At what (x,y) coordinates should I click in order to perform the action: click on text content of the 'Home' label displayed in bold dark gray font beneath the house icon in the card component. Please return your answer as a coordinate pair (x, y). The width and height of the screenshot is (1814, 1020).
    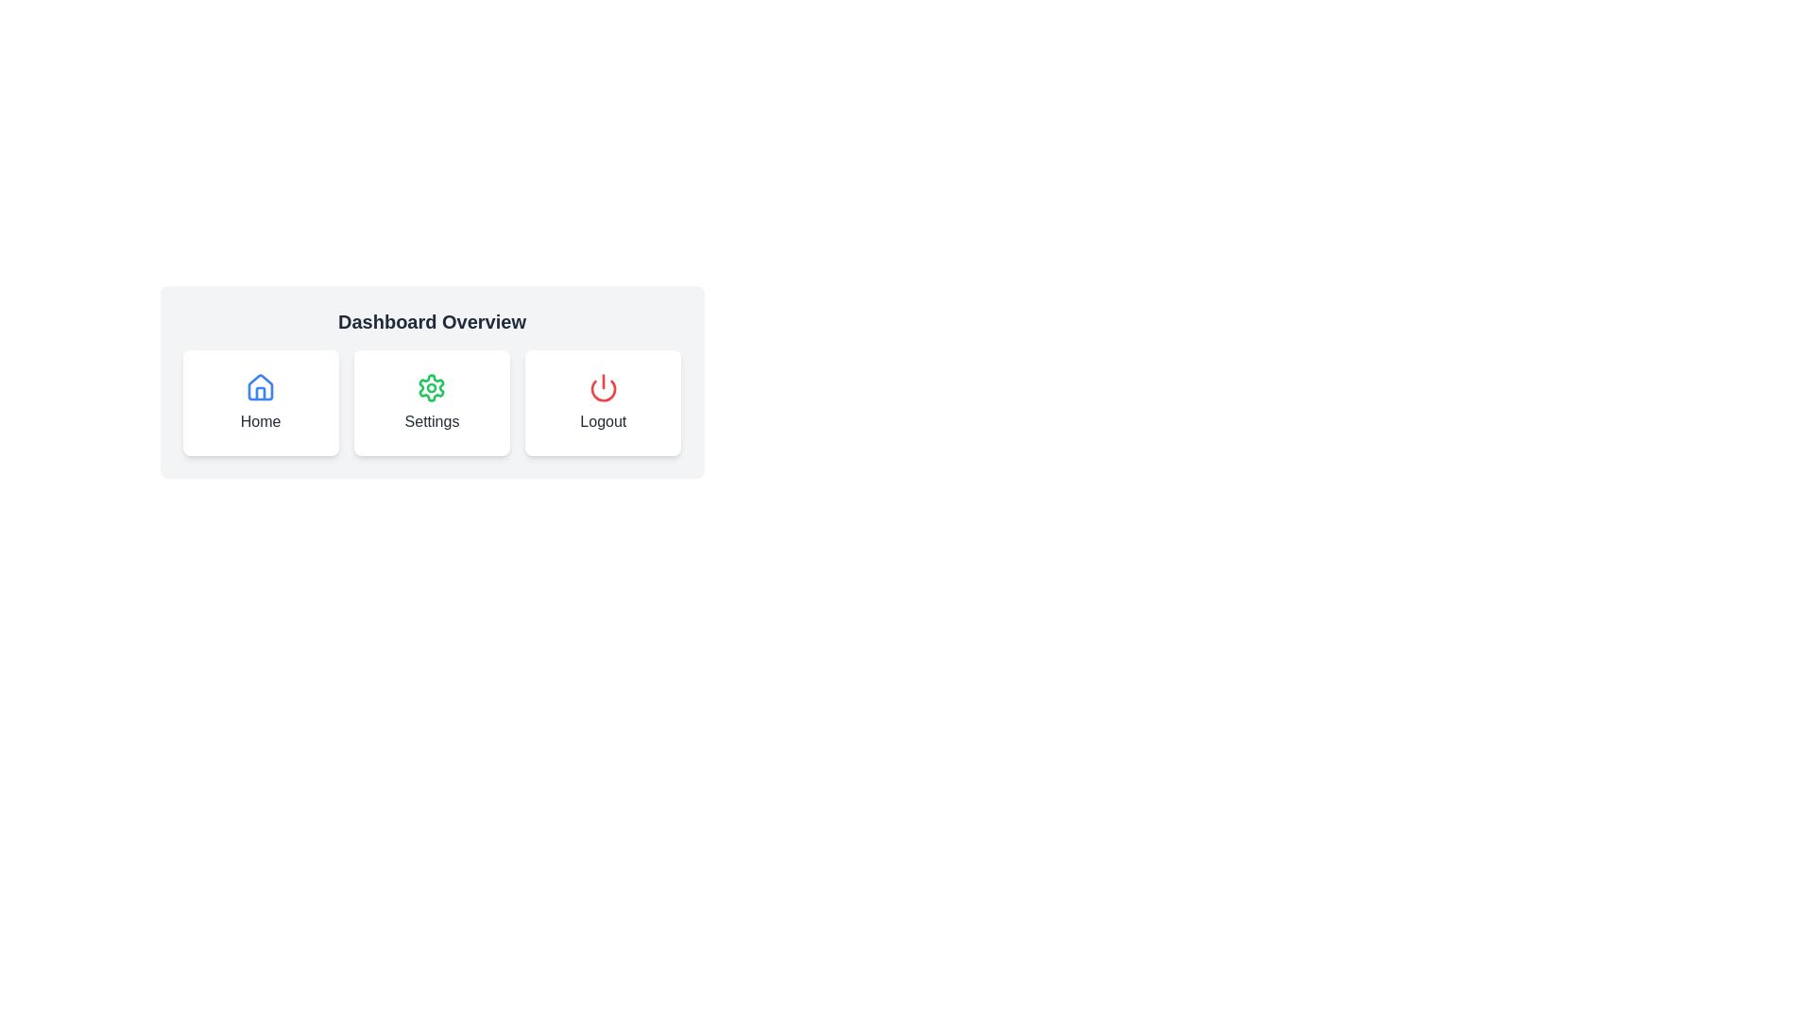
    Looking at the image, I should click on (260, 421).